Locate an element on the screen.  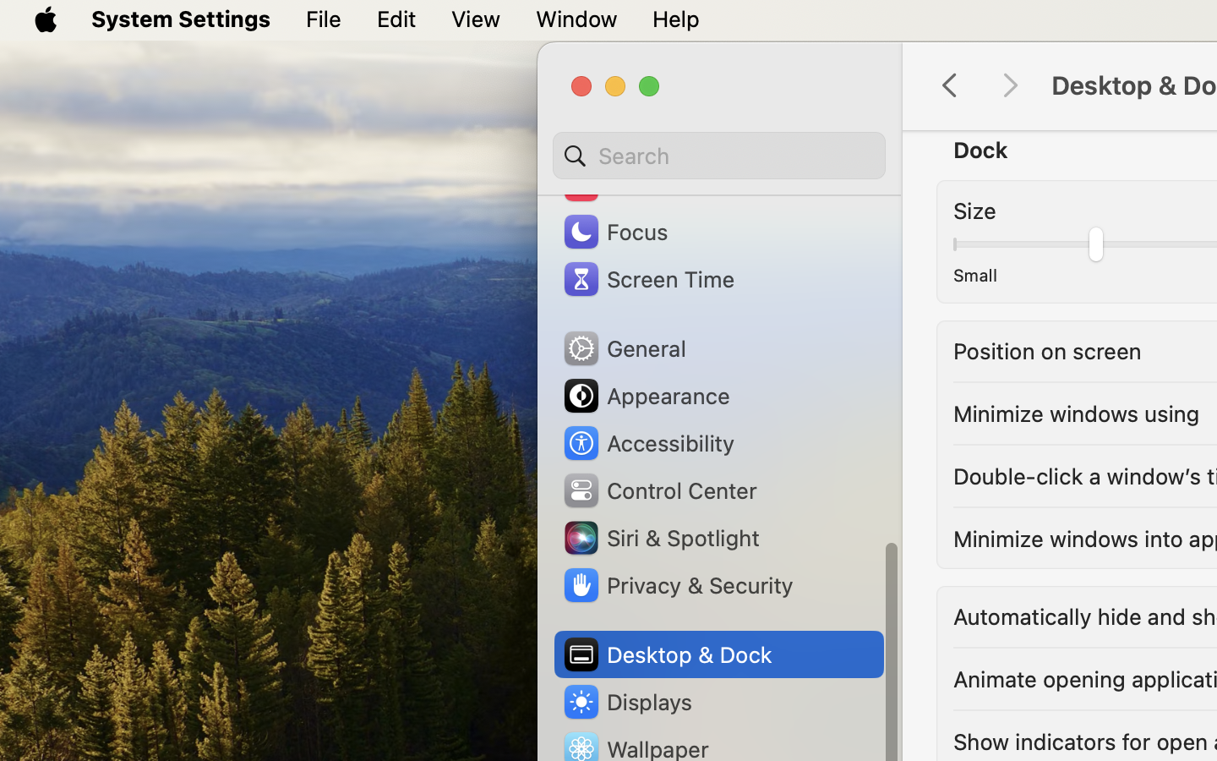
'Focus' is located at coordinates (614, 230).